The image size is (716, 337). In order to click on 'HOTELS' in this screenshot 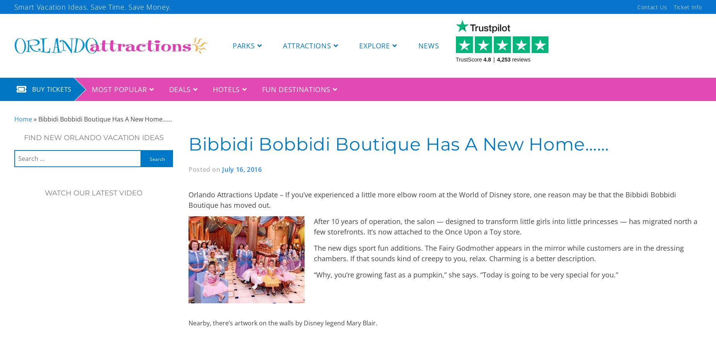, I will do `click(212, 89)`.